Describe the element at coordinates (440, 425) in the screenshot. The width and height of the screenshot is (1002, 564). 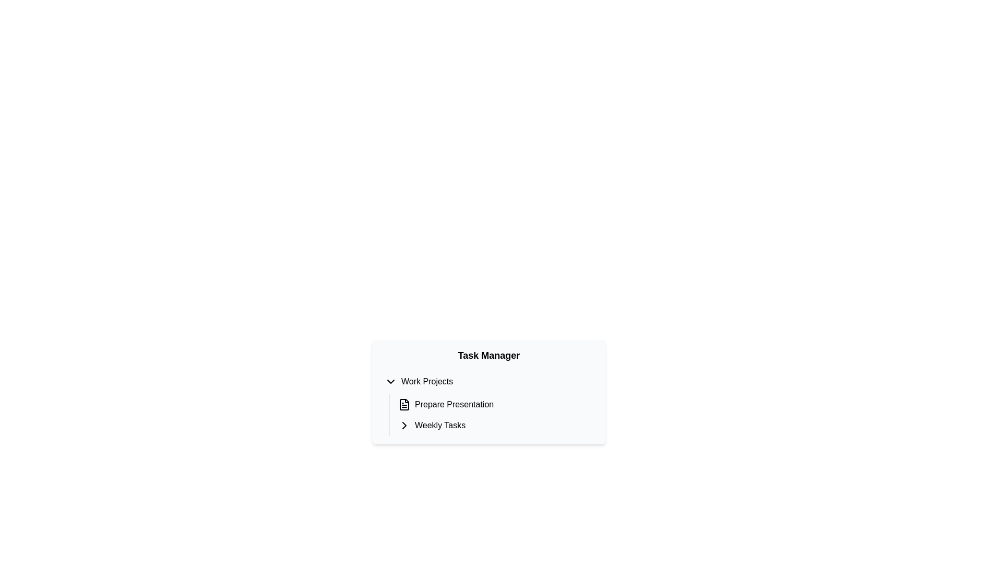
I see `the 'Weekly Tasks' text label, which is a black text in a sans-serif font on a white background, located under the 'Work Projects' category` at that location.